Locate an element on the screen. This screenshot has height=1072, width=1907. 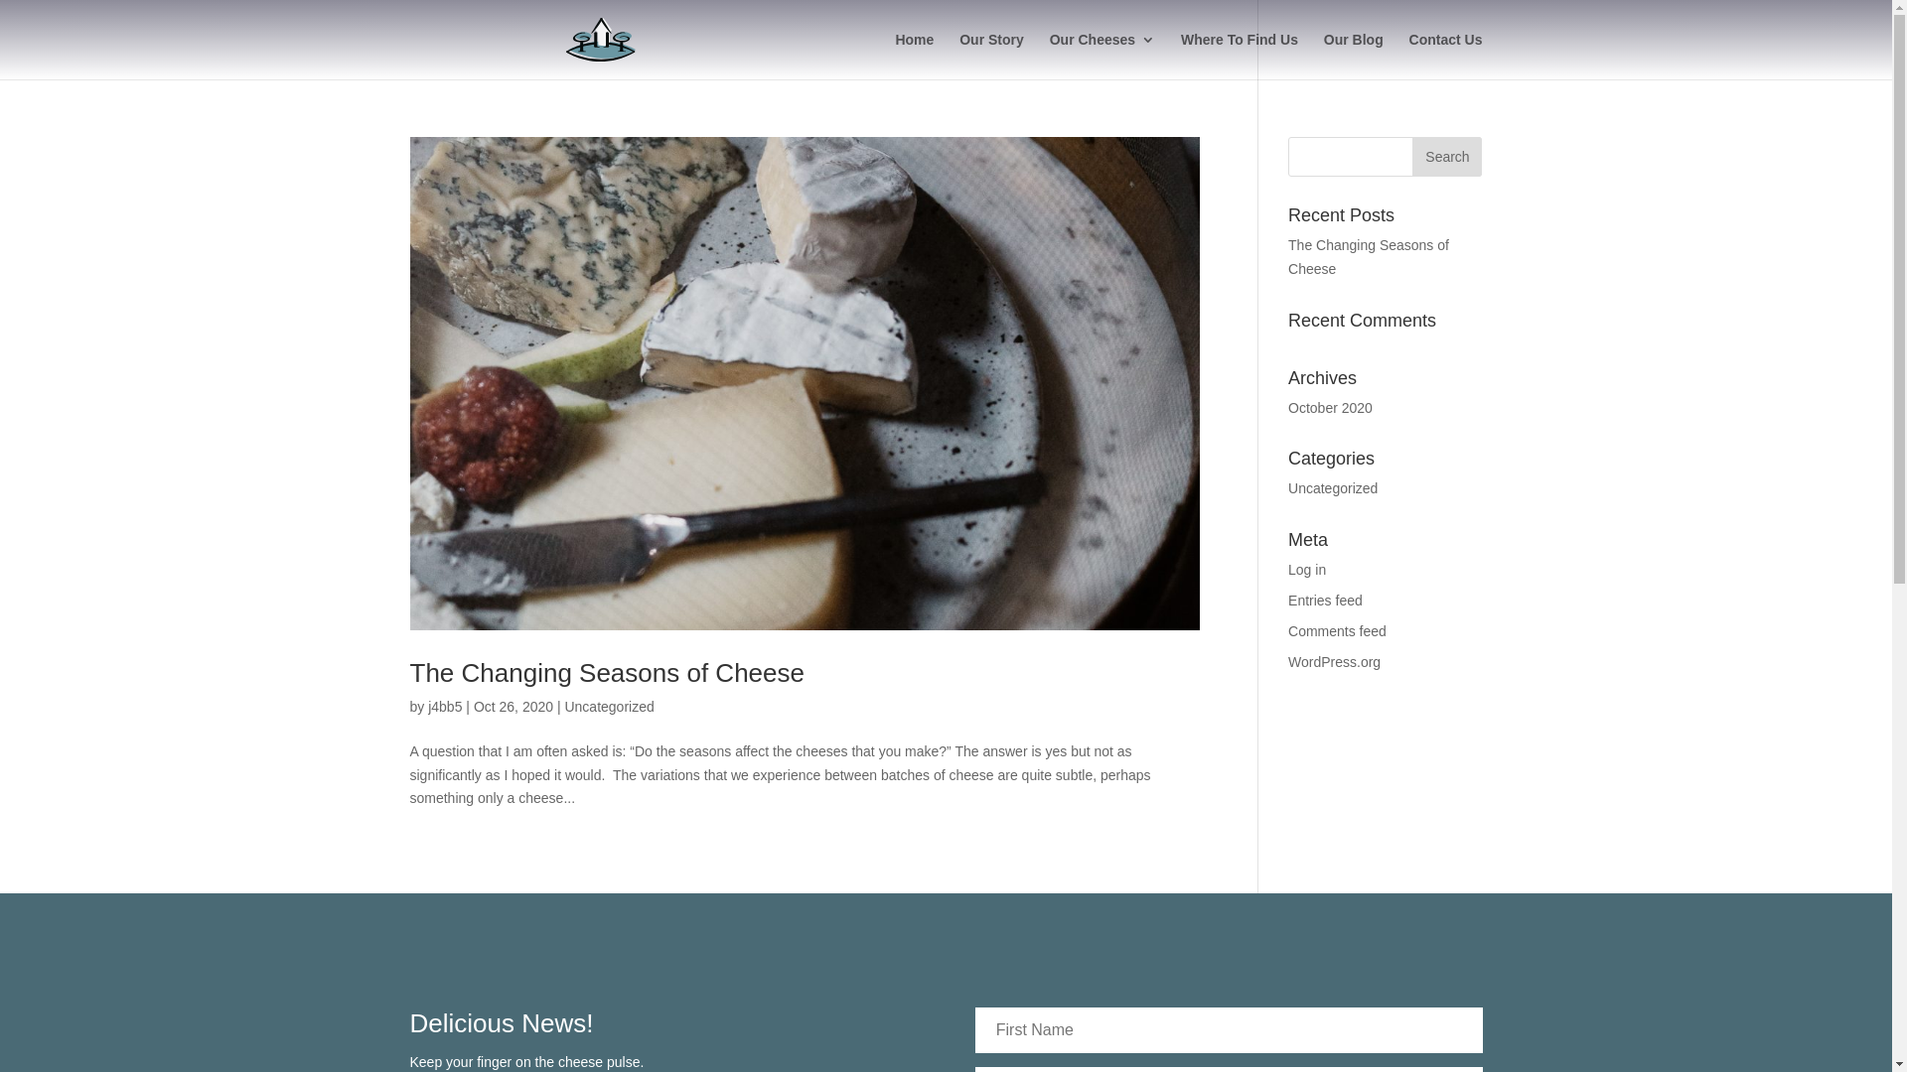
'Our Story' is located at coordinates (991, 55).